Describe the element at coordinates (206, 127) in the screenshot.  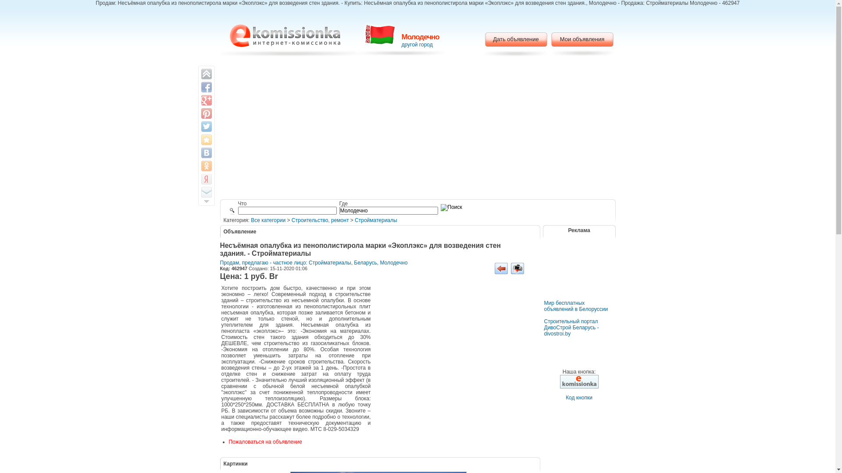
I see `'Share on Twitter'` at that location.